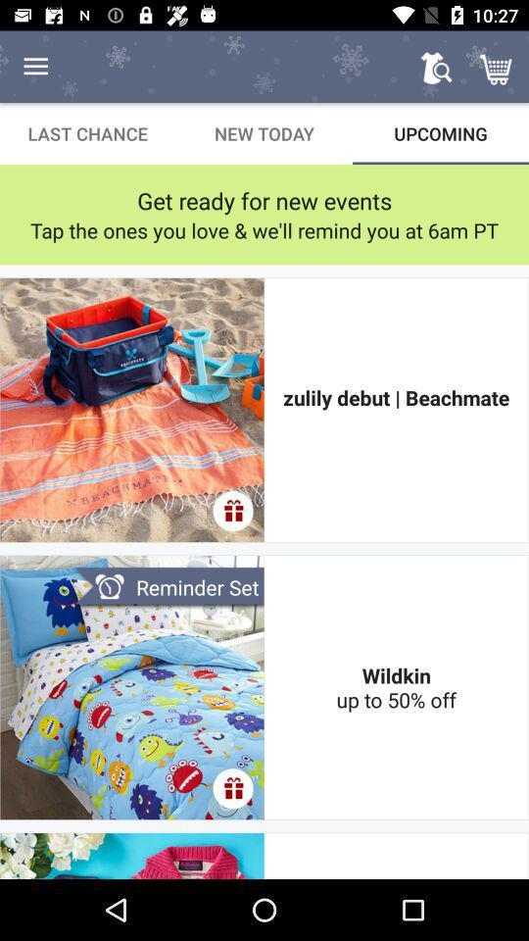 This screenshot has height=941, width=529. What do you see at coordinates (264, 230) in the screenshot?
I see `tap the ones` at bounding box center [264, 230].